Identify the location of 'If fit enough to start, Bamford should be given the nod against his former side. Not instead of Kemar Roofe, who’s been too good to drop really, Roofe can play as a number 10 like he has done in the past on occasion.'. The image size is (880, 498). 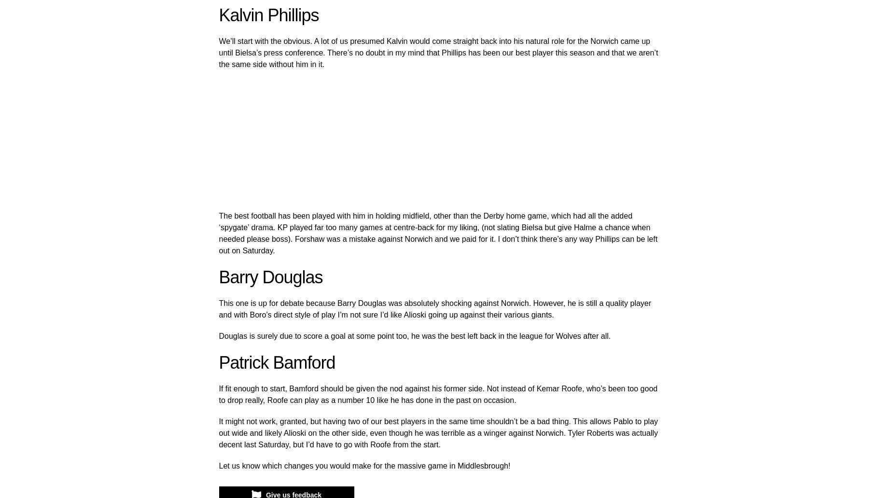
(437, 394).